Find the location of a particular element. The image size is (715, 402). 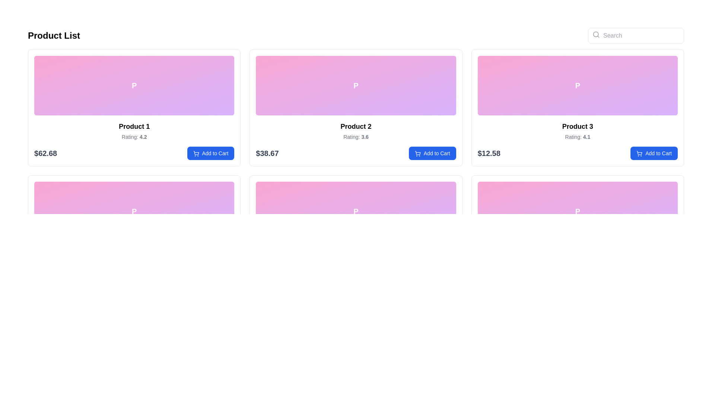

the central circle of the magnifying glass icon, located at the top right corner of the interface, which visually represents the lens part of the icon next to the 'Search' input field is located at coordinates (596, 34).